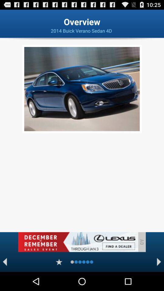 This screenshot has height=291, width=164. Describe the element at coordinates (159, 262) in the screenshot. I see `see next photo` at that location.